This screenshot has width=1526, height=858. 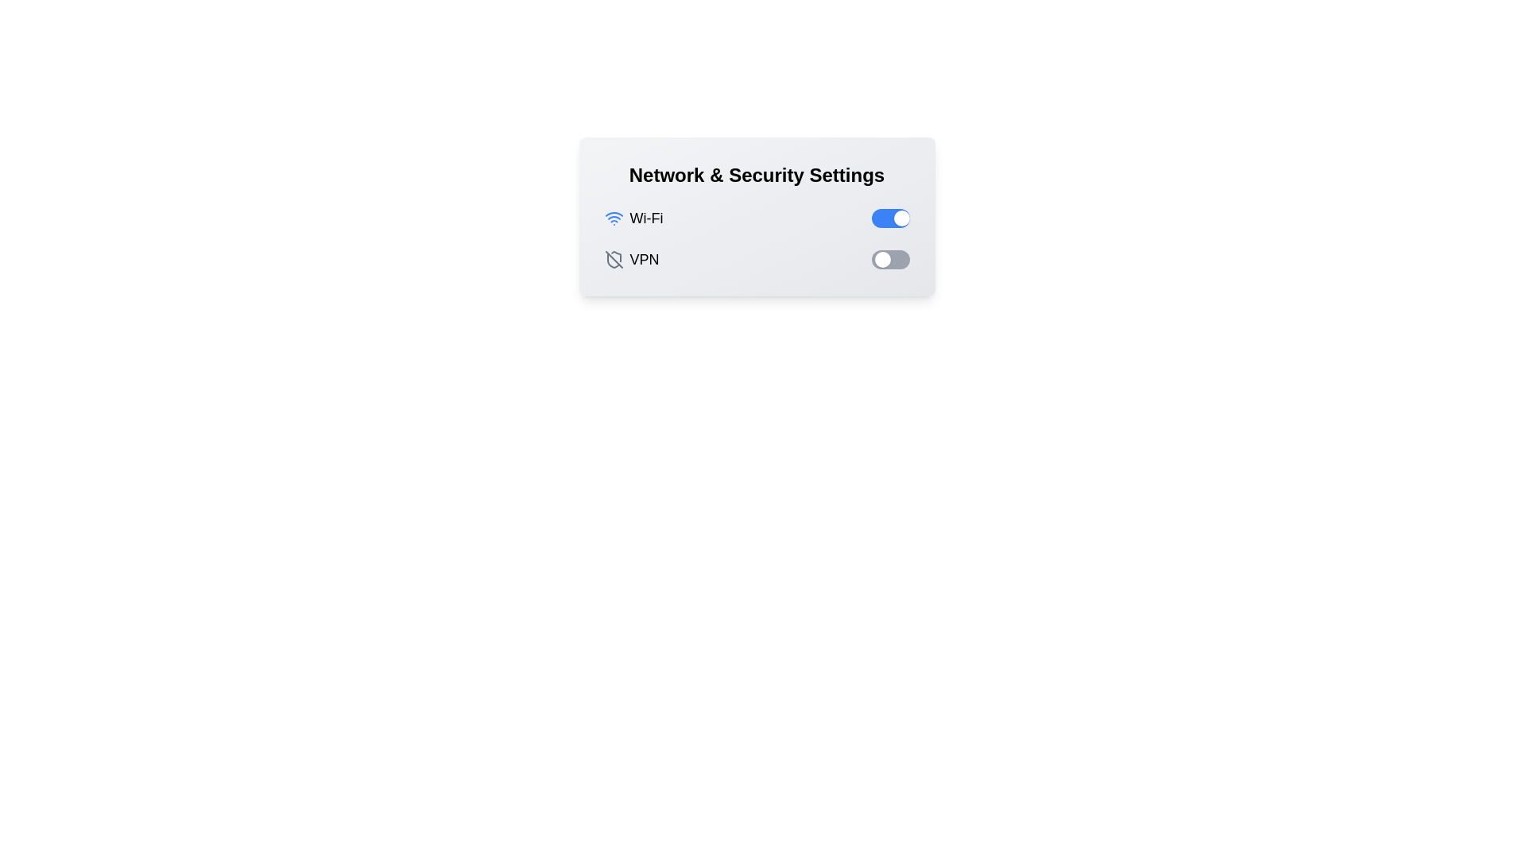 What do you see at coordinates (645, 259) in the screenshot?
I see `the text label that indicates the functionality of the associated toggle switch for enabling or disabling the VPN feature in the application, which is located under the 'Network & Security Settings' section` at bounding box center [645, 259].